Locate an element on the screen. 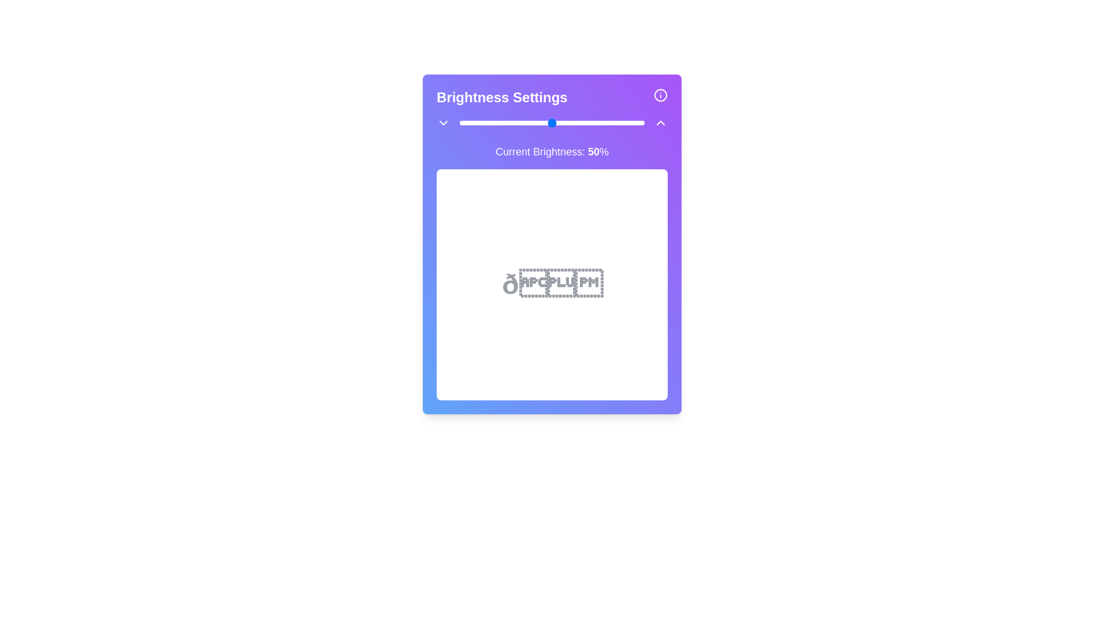 Image resolution: width=1109 pixels, height=624 pixels. the Info icon in the Brightness Control Panel is located at coordinates (660, 95).